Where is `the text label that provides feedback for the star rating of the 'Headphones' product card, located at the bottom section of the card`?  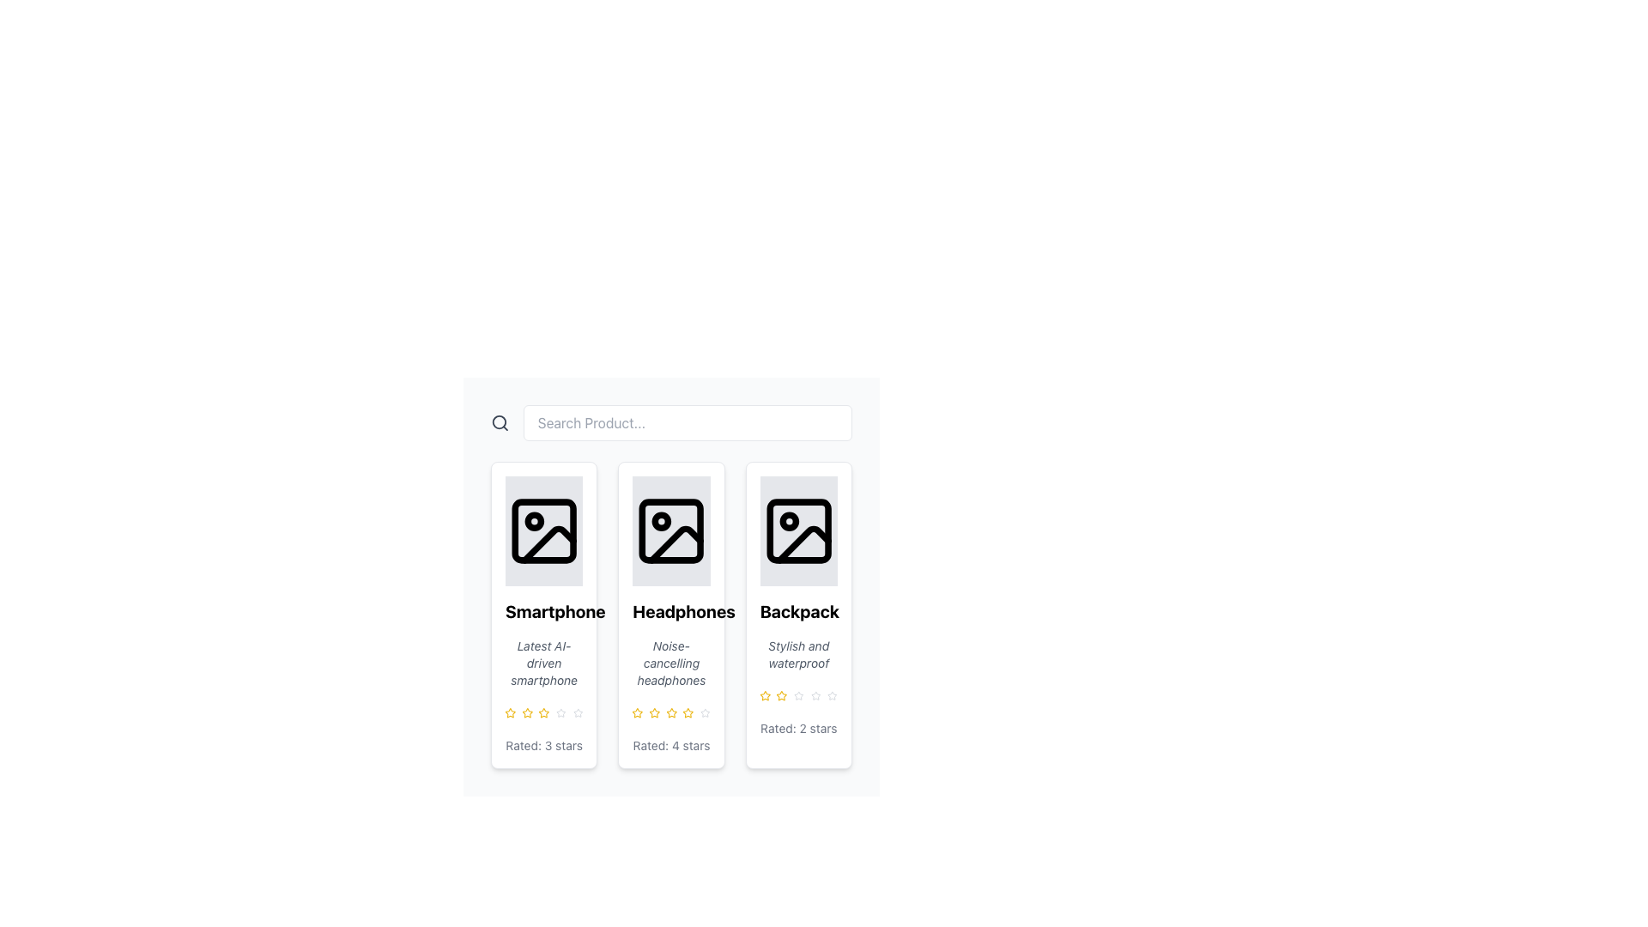
the text label that provides feedback for the star rating of the 'Headphones' product card, located at the bottom section of the card is located at coordinates (670, 744).